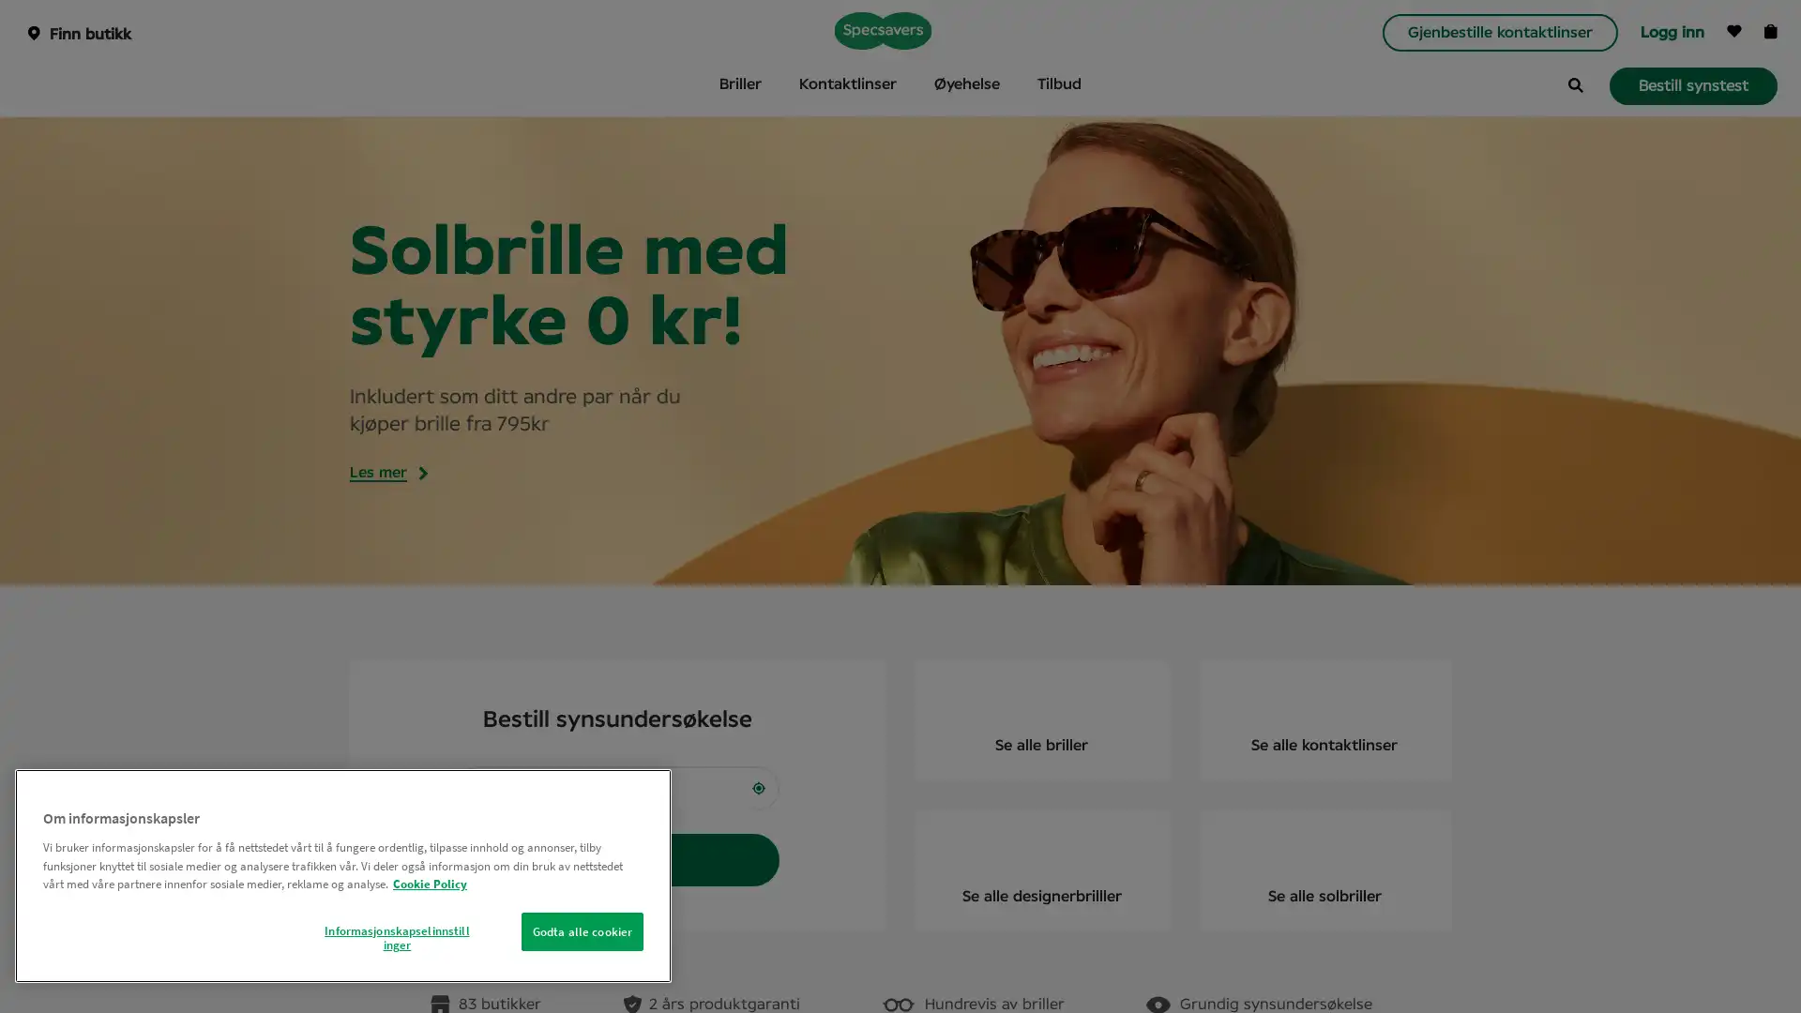 This screenshot has width=1801, height=1013. Describe the element at coordinates (395, 937) in the screenshot. I see `Informasjonskapselinnstillinger` at that location.